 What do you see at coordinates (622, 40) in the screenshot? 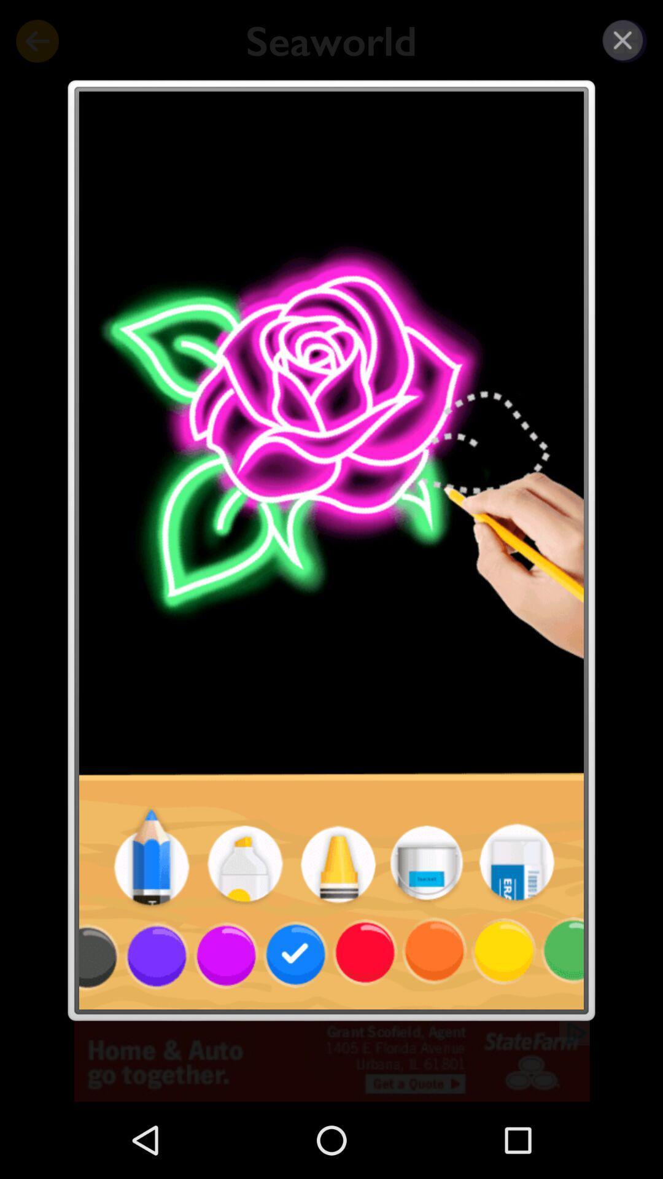
I see `popup window` at bounding box center [622, 40].